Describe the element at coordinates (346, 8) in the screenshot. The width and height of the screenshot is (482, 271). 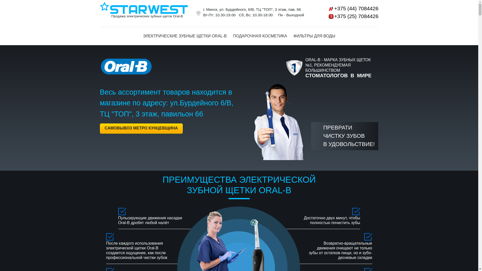
I see `'+375 (44) 7084426'` at that location.